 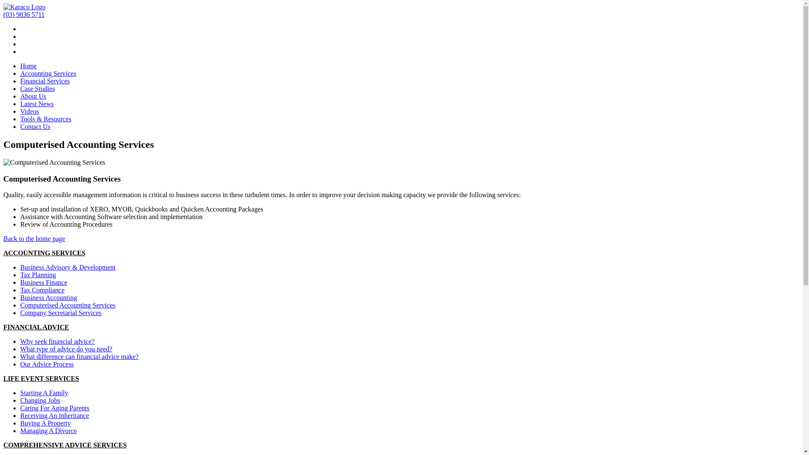 What do you see at coordinates (36, 103) in the screenshot?
I see `'Latest News'` at bounding box center [36, 103].